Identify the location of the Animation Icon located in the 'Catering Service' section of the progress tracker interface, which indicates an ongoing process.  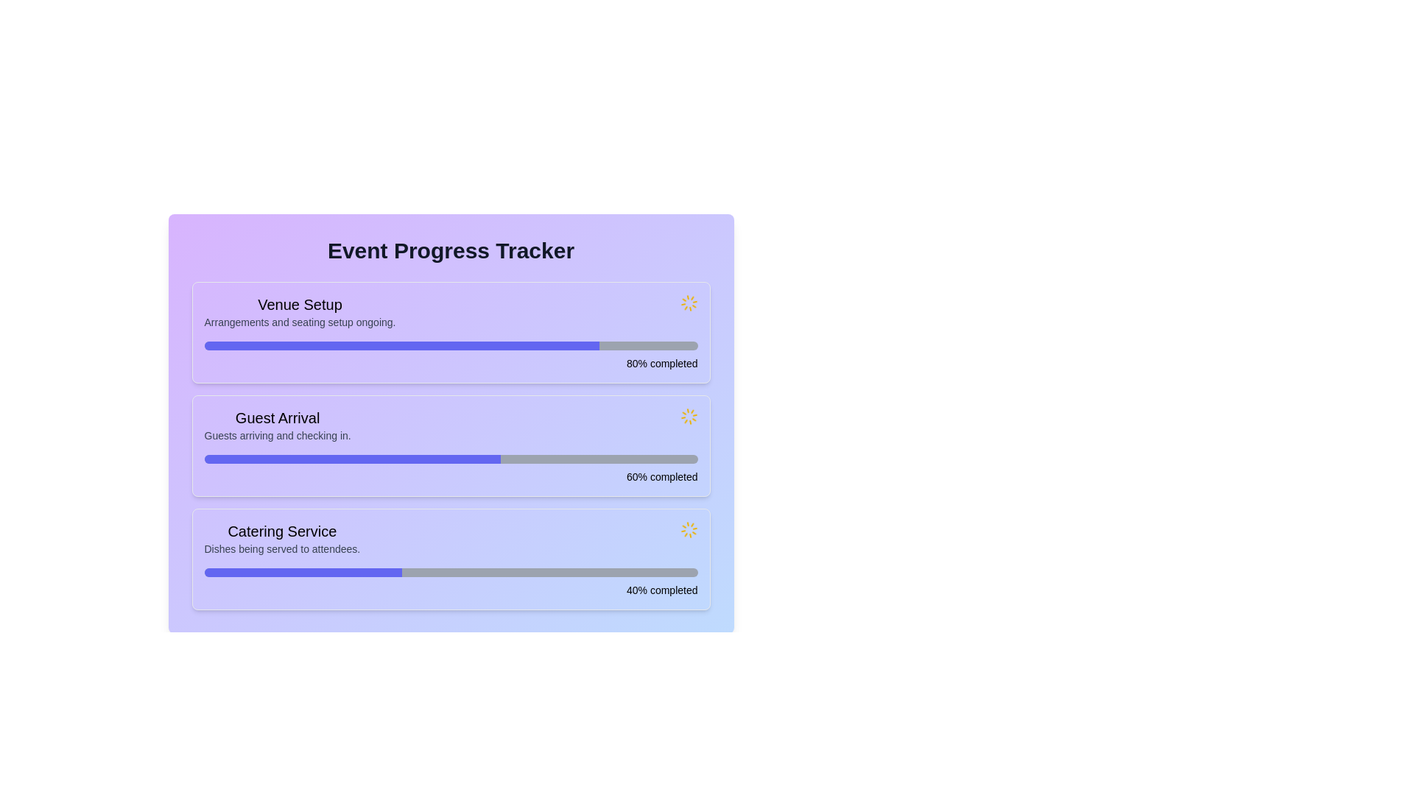
(688, 530).